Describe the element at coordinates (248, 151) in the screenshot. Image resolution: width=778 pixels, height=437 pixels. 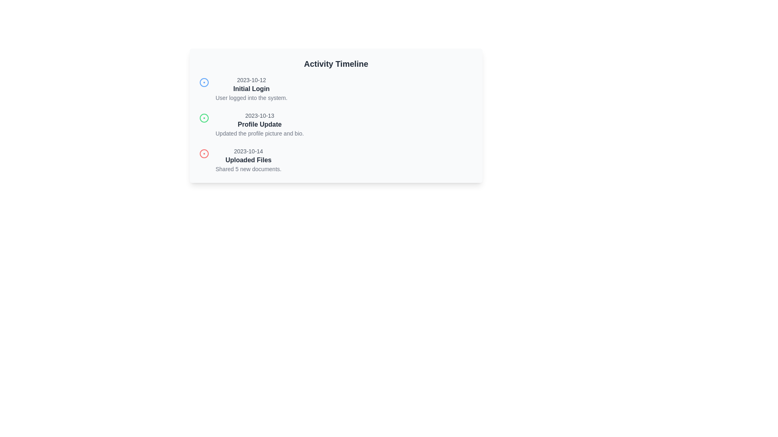
I see `date text label displaying '2023-10-14' in a small gray font, located at the top of the third group in the timeline above the title 'Uploaded Files'` at that location.